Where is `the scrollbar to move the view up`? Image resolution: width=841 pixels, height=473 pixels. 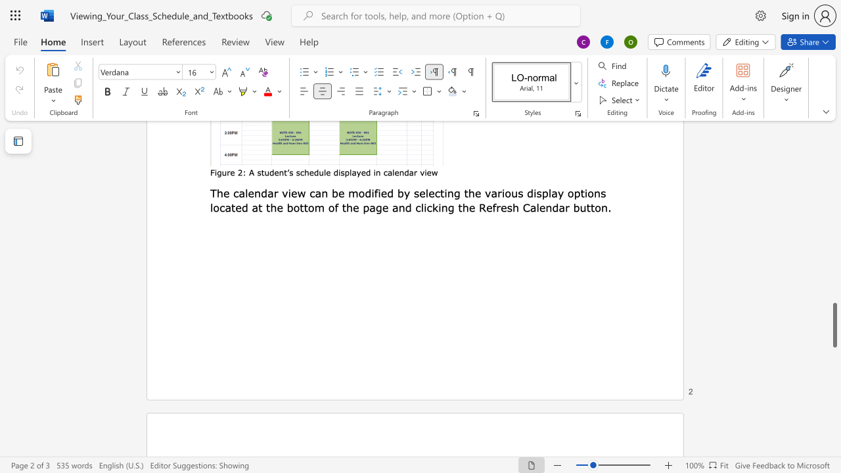 the scrollbar to move the view up is located at coordinates (834, 288).